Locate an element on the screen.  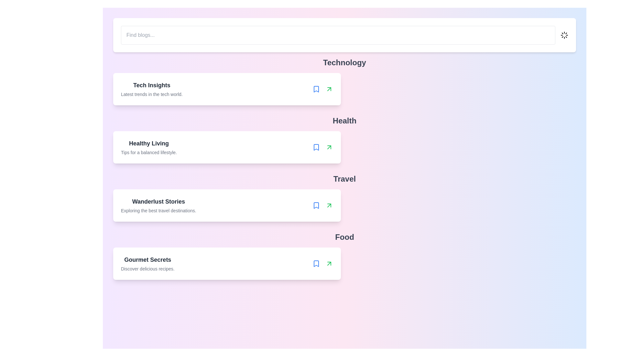
the upward right arrow icon in the 'Wanderlust Stories' card located at the bottom-right corner is located at coordinates (322, 206).